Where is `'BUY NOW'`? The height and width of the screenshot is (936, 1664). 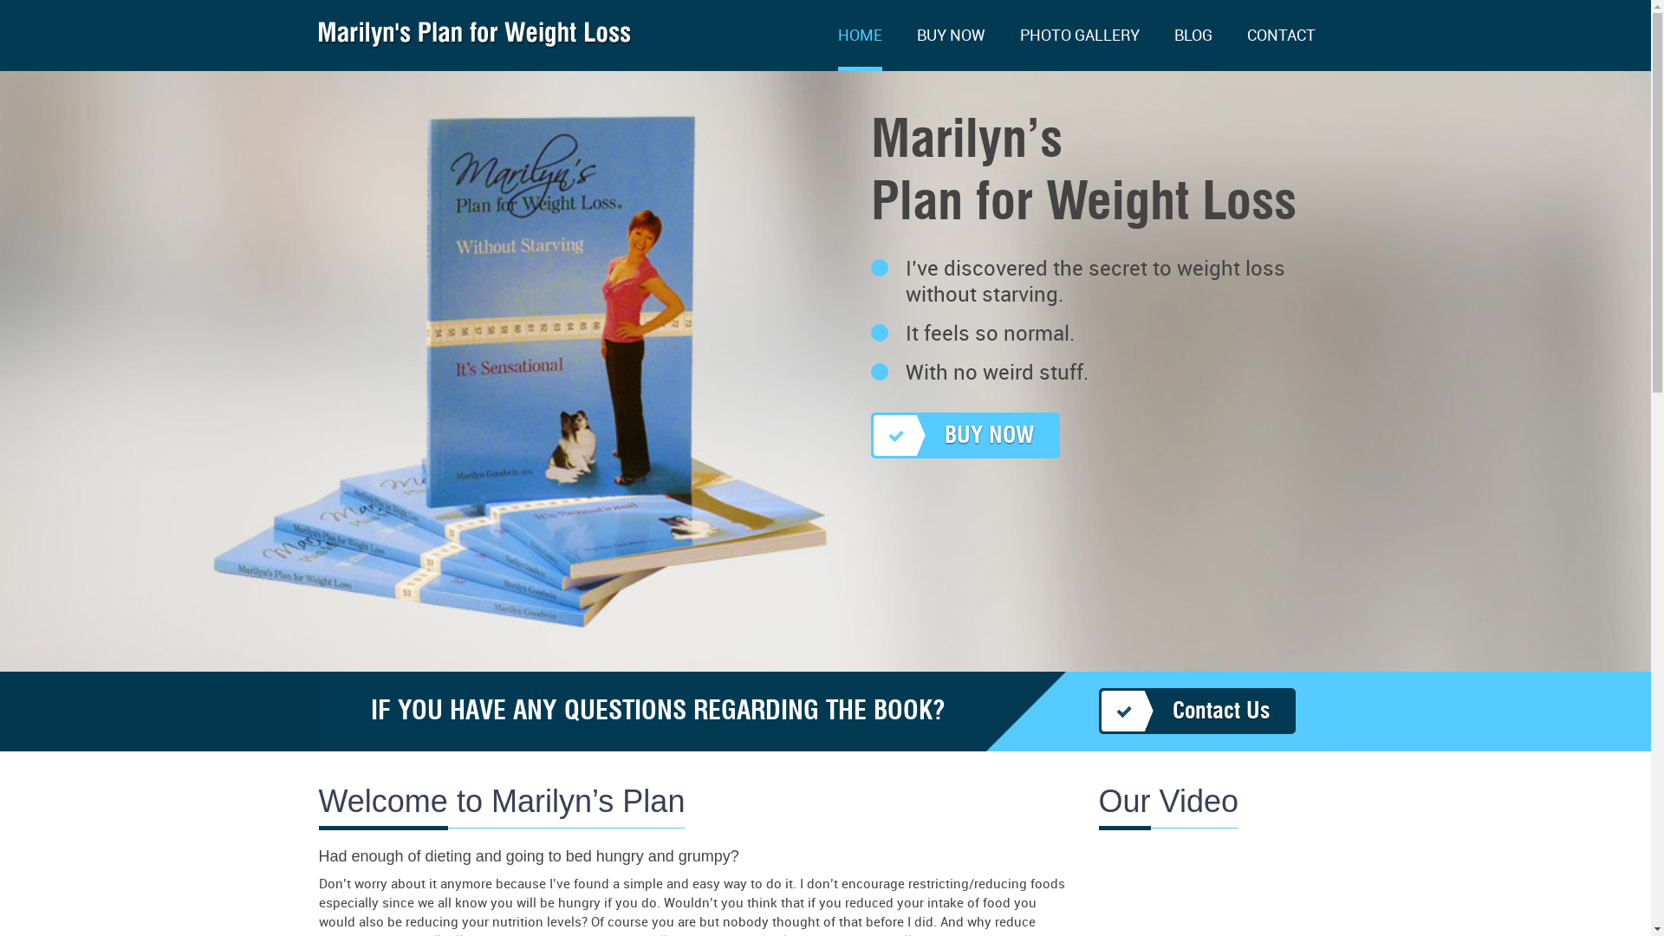 'BUY NOW' is located at coordinates (964, 434).